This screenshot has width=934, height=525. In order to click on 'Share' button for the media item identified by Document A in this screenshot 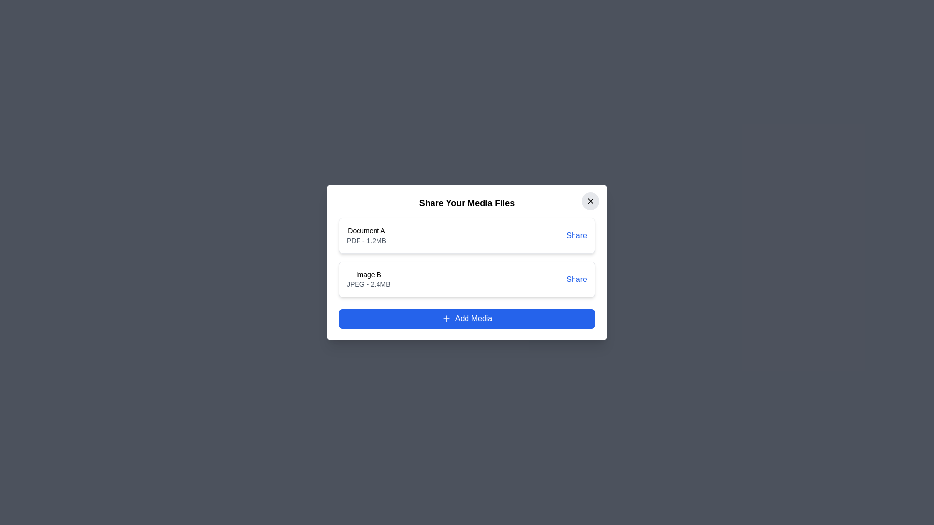, I will do `click(576, 236)`.